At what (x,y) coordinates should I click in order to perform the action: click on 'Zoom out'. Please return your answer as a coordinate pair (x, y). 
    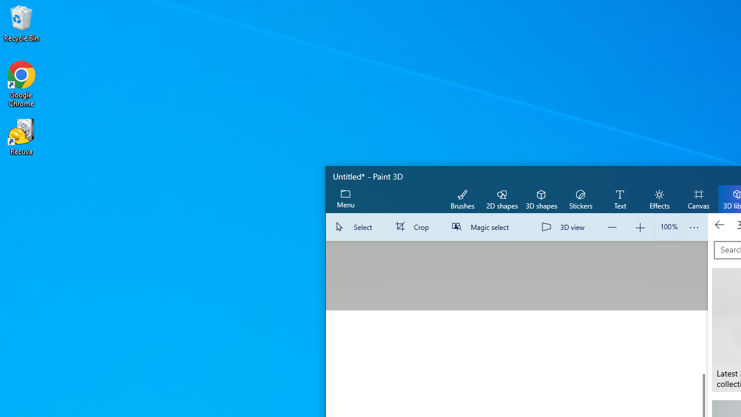
    Looking at the image, I should click on (611, 227).